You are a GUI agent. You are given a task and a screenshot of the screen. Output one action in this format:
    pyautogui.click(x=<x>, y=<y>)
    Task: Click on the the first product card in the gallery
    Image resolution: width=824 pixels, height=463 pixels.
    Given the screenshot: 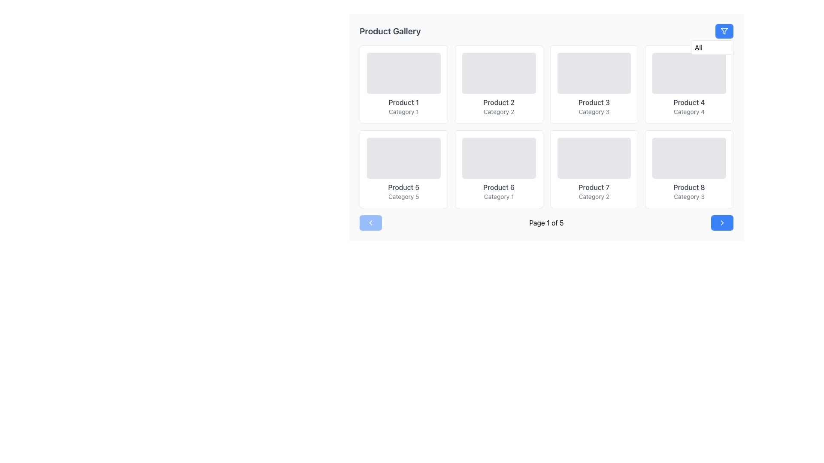 What is the action you would take?
    pyautogui.click(x=403, y=84)
    